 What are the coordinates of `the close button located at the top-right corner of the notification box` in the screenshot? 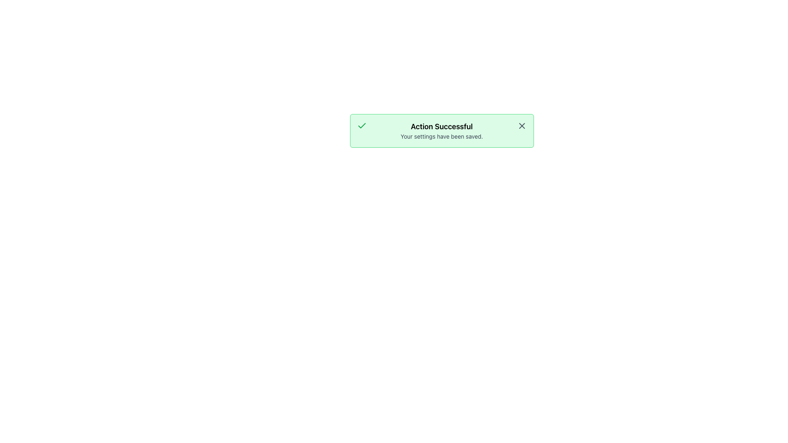 It's located at (521, 126).